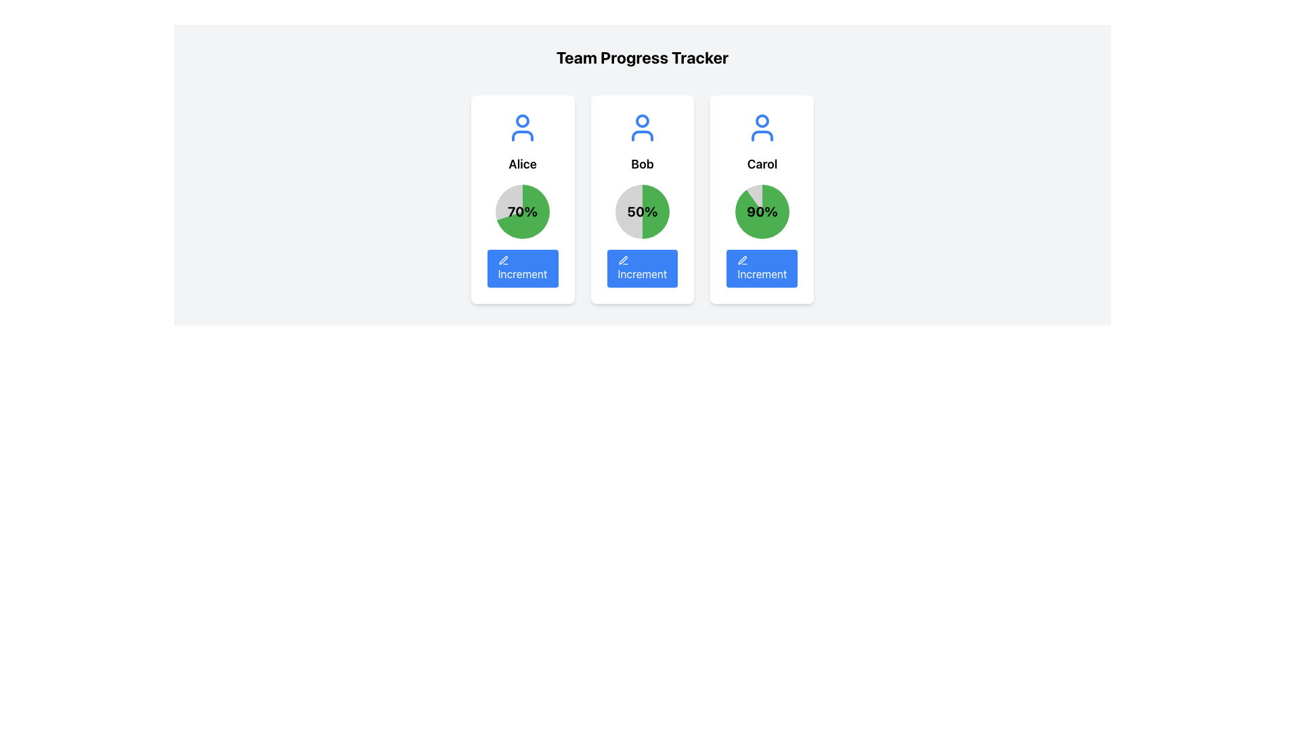  I want to click on percentage value displayed inside the circular progress indicator located in the card labeled 'Carol', which is the third card from the left, so click(762, 211).